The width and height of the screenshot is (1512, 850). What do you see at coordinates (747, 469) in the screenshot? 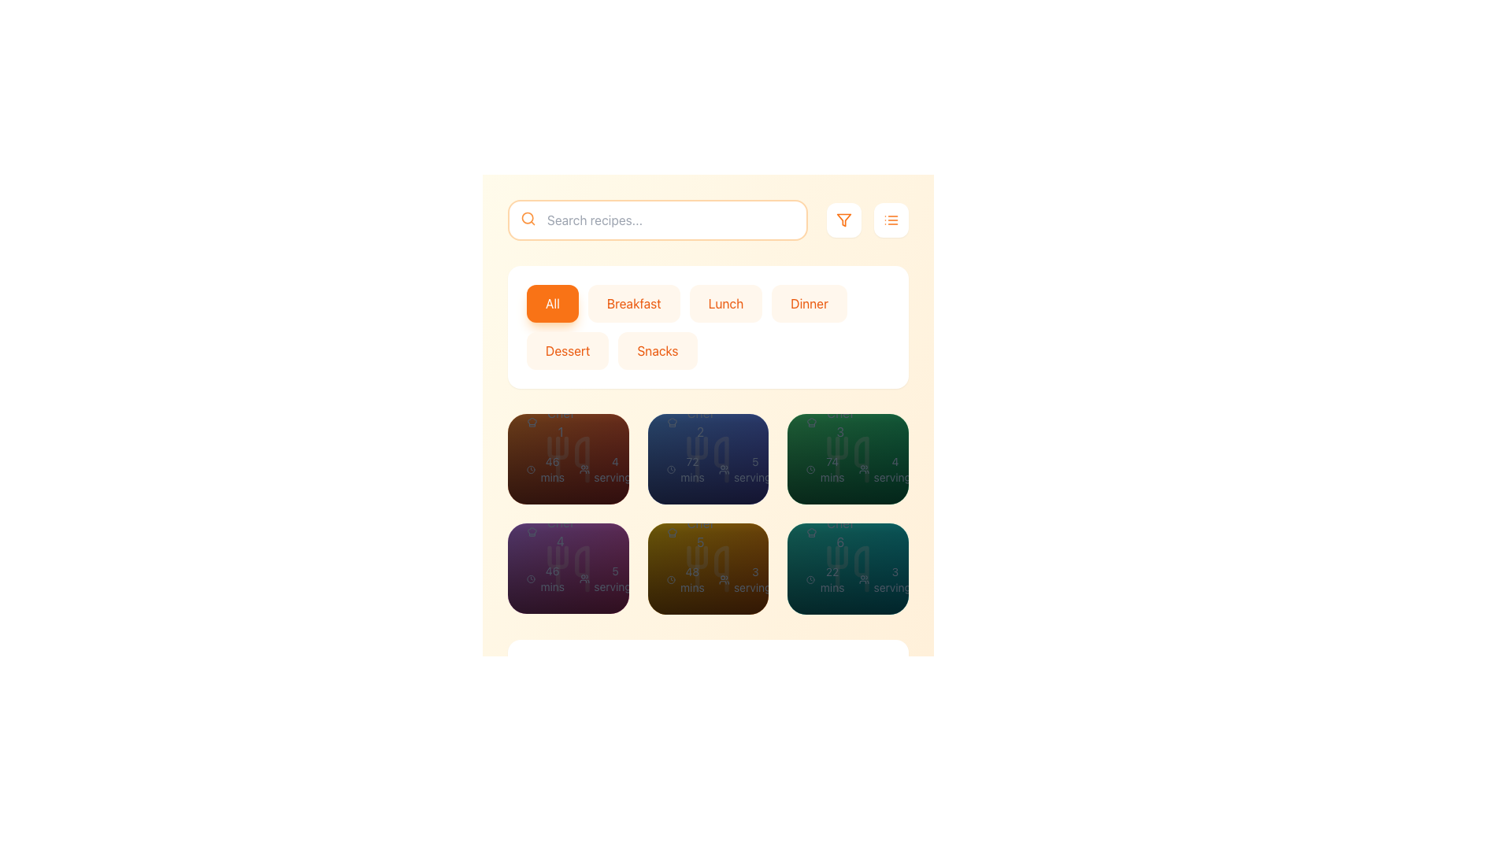
I see `the text element displaying '5 servings' with an accompanying icon of users, located in the third card of the second row in a grid layout` at bounding box center [747, 469].